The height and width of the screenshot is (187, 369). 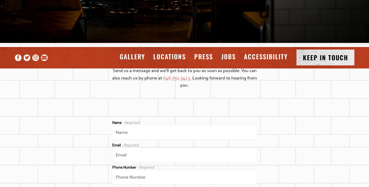 I want to click on 'Send us a message and we’ll get back to you as soon as possible. You can also reach us by phone at', so click(x=184, y=74).